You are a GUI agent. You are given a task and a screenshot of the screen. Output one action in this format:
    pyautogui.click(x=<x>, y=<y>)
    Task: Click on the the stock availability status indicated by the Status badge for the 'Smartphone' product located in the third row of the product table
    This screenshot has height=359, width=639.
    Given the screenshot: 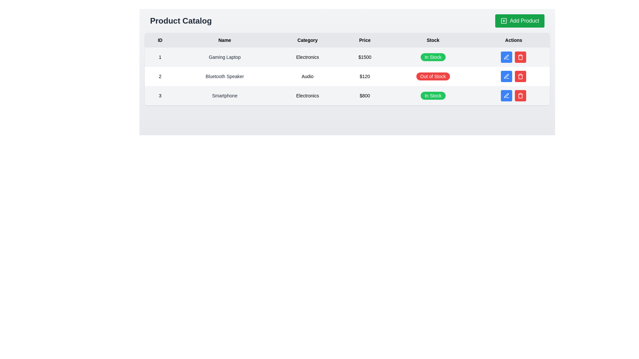 What is the action you would take?
    pyautogui.click(x=433, y=96)
    